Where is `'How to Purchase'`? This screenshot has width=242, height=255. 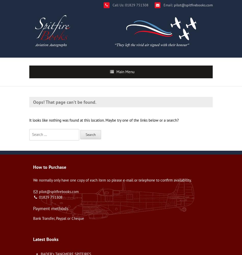
'How to Purchase' is located at coordinates (50, 167).